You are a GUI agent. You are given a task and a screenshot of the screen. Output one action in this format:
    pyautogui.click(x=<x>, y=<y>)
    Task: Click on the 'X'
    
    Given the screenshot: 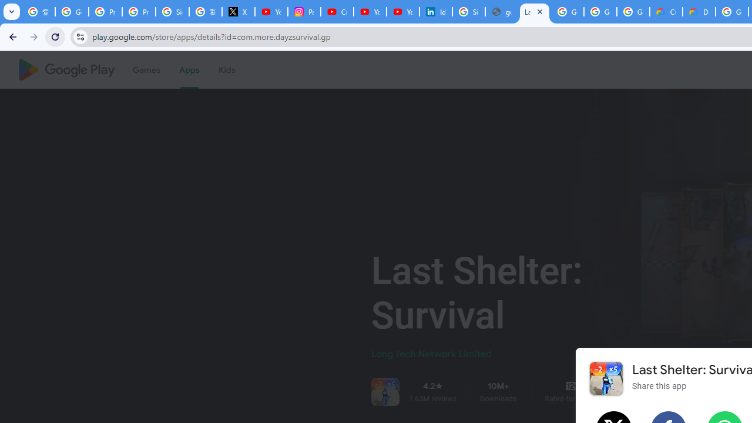 What is the action you would take?
    pyautogui.click(x=237, y=12)
    